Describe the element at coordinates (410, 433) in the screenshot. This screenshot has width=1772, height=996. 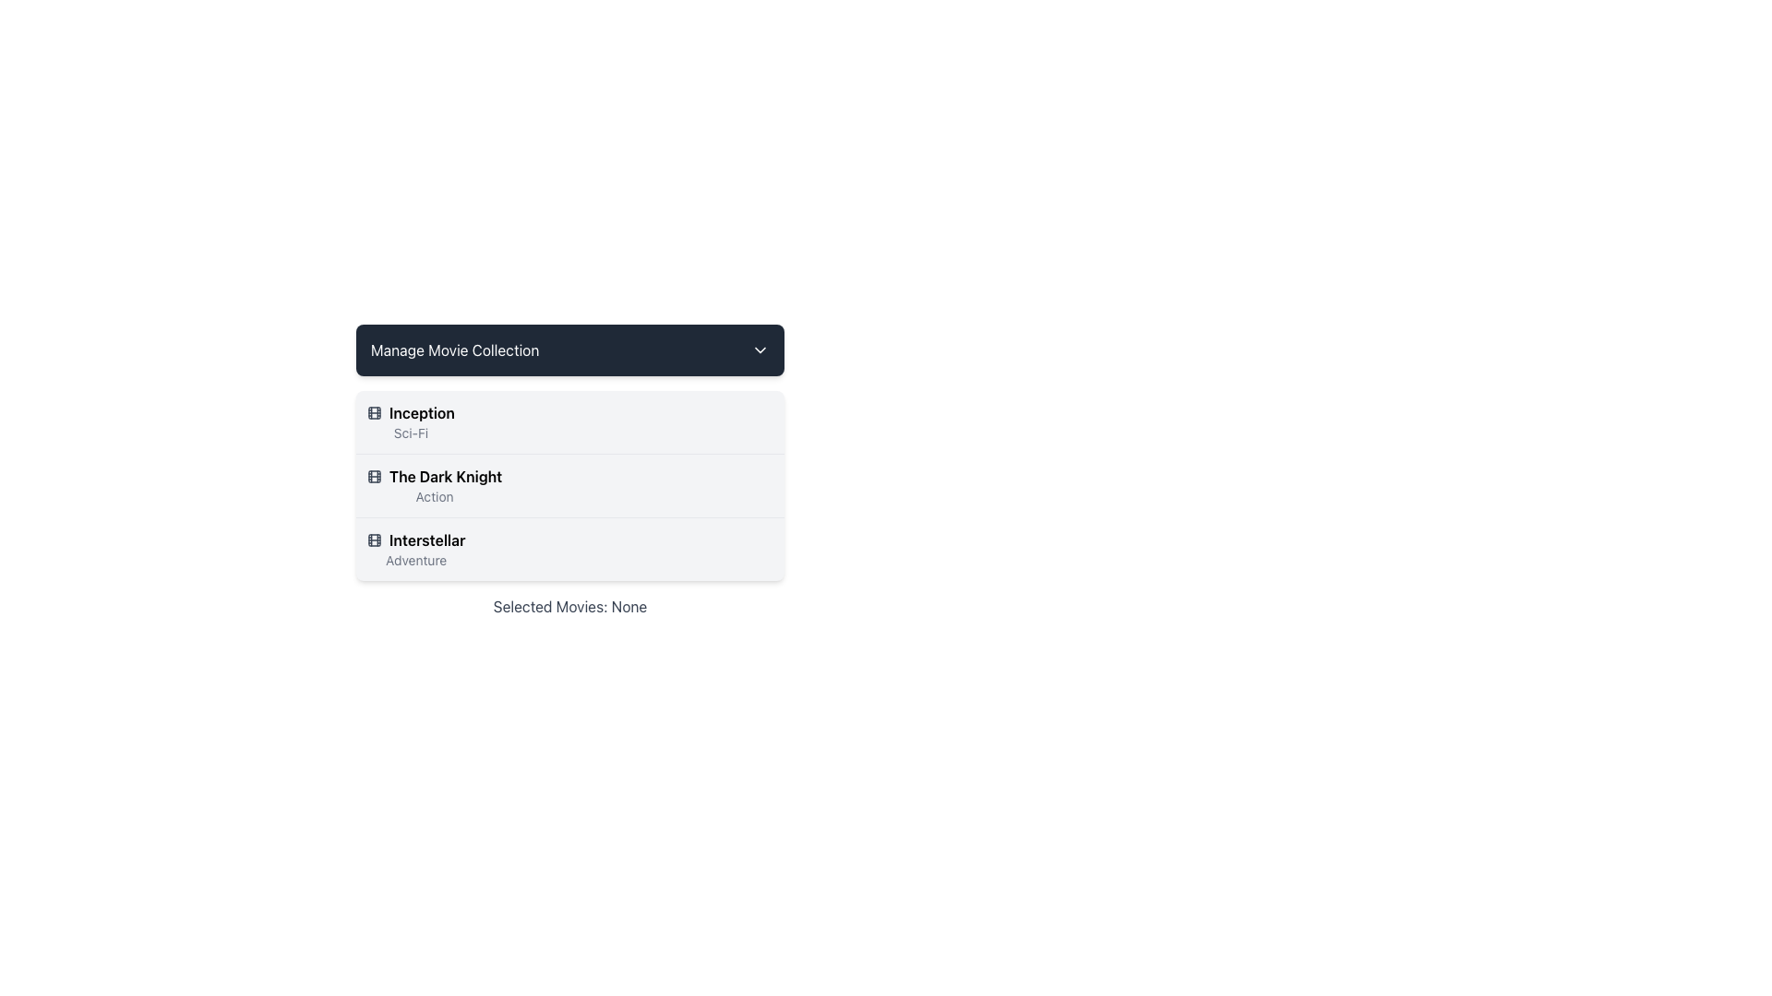
I see `the Text label displaying the genre 'Sci-Fi' for the movie 'Inception', located directly below the title 'Inception' in the movie list` at that location.